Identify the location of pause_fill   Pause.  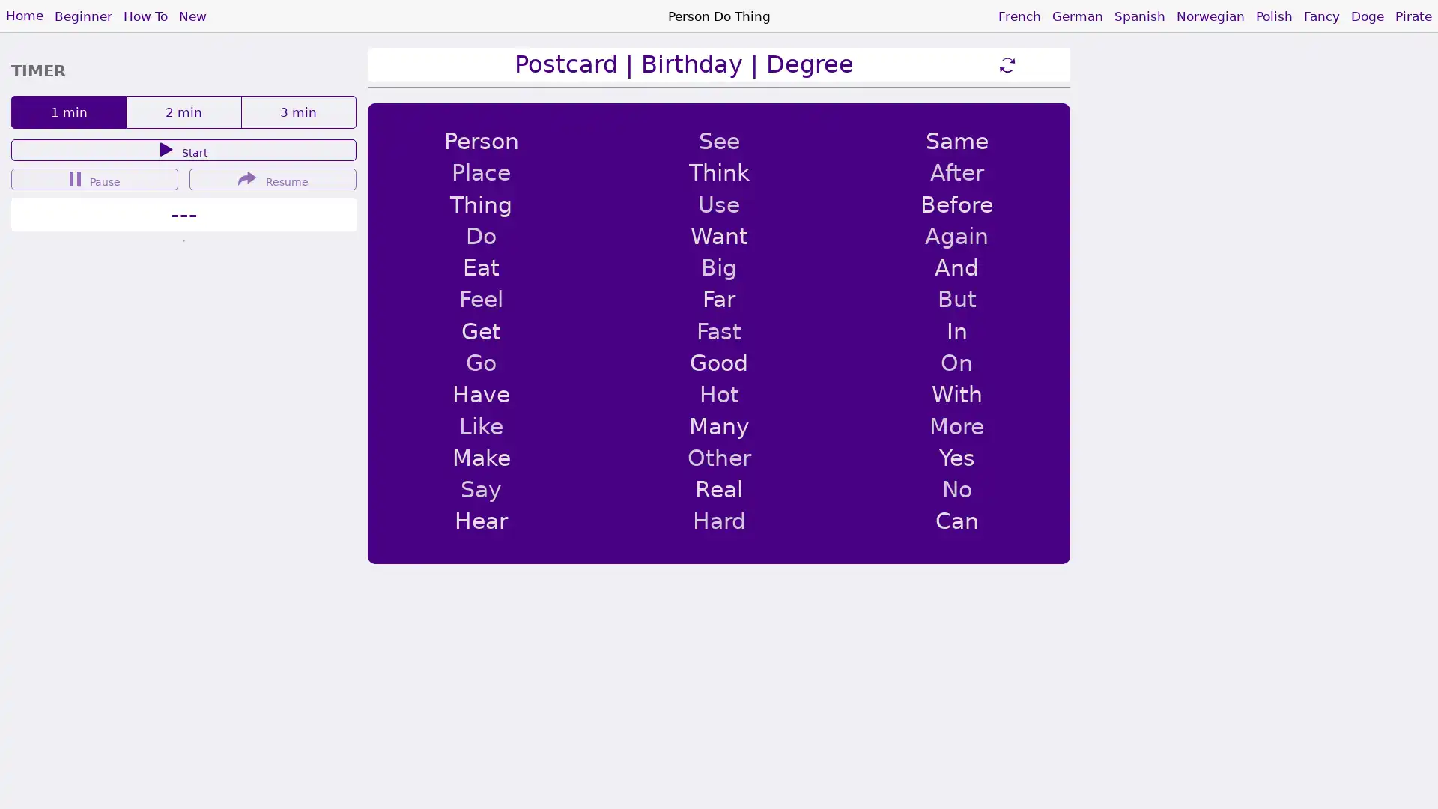
(94, 178).